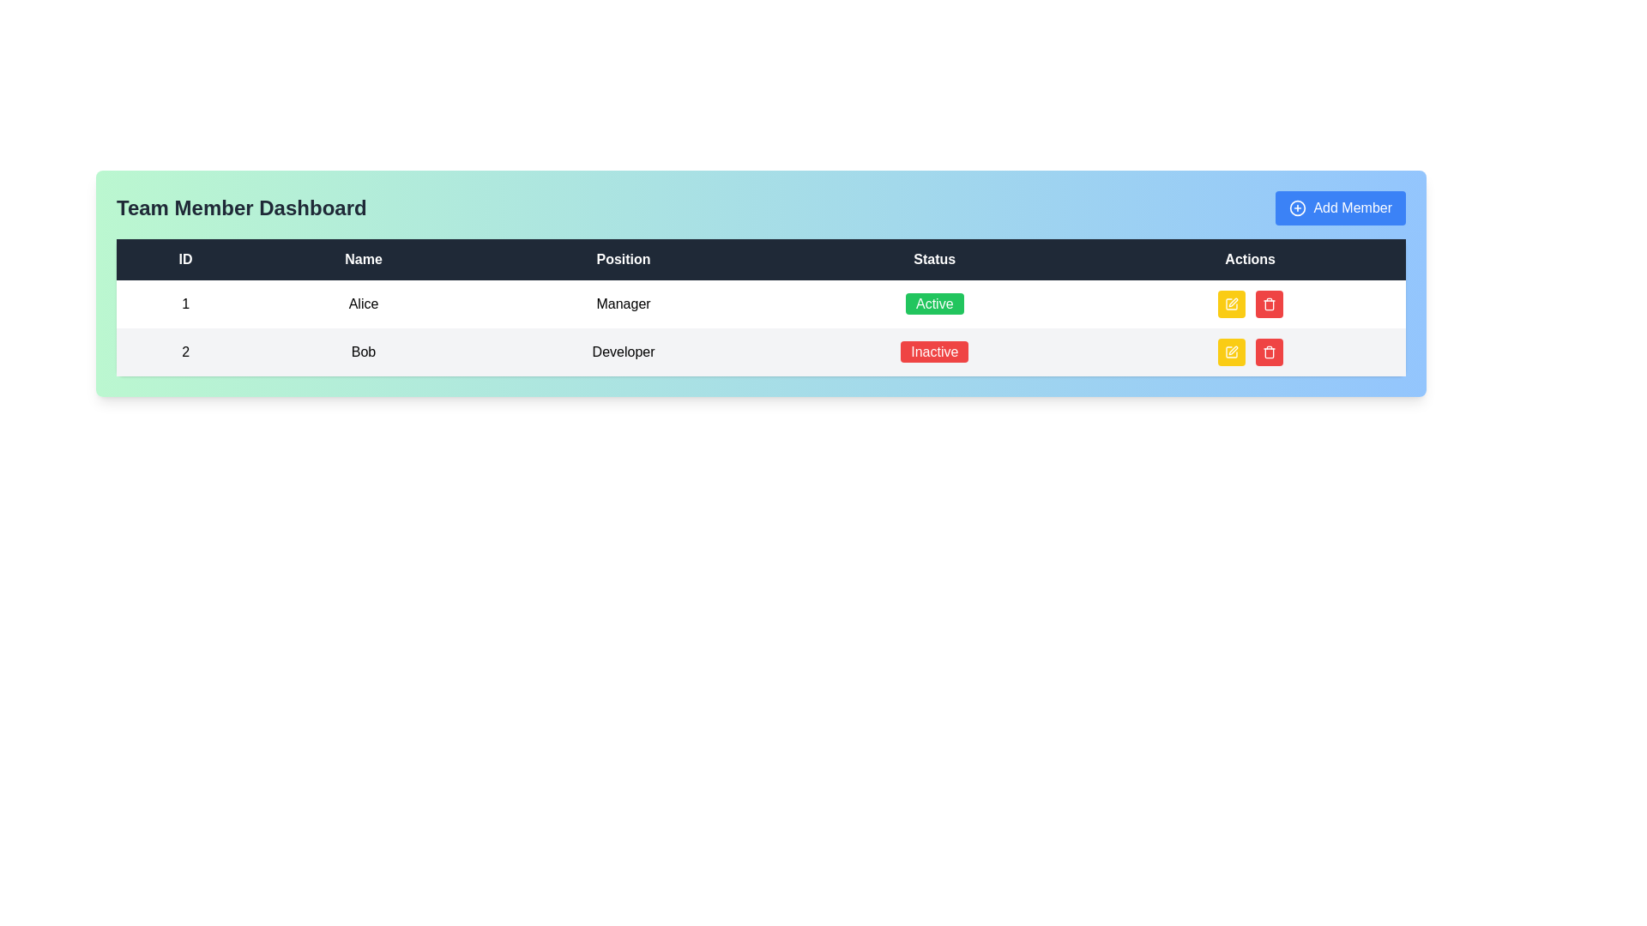 Image resolution: width=1647 pixels, height=926 pixels. What do you see at coordinates (623, 303) in the screenshot?
I see `the text label in the third column of the first row of the table, which is located between 'Alice' and 'Active'` at bounding box center [623, 303].